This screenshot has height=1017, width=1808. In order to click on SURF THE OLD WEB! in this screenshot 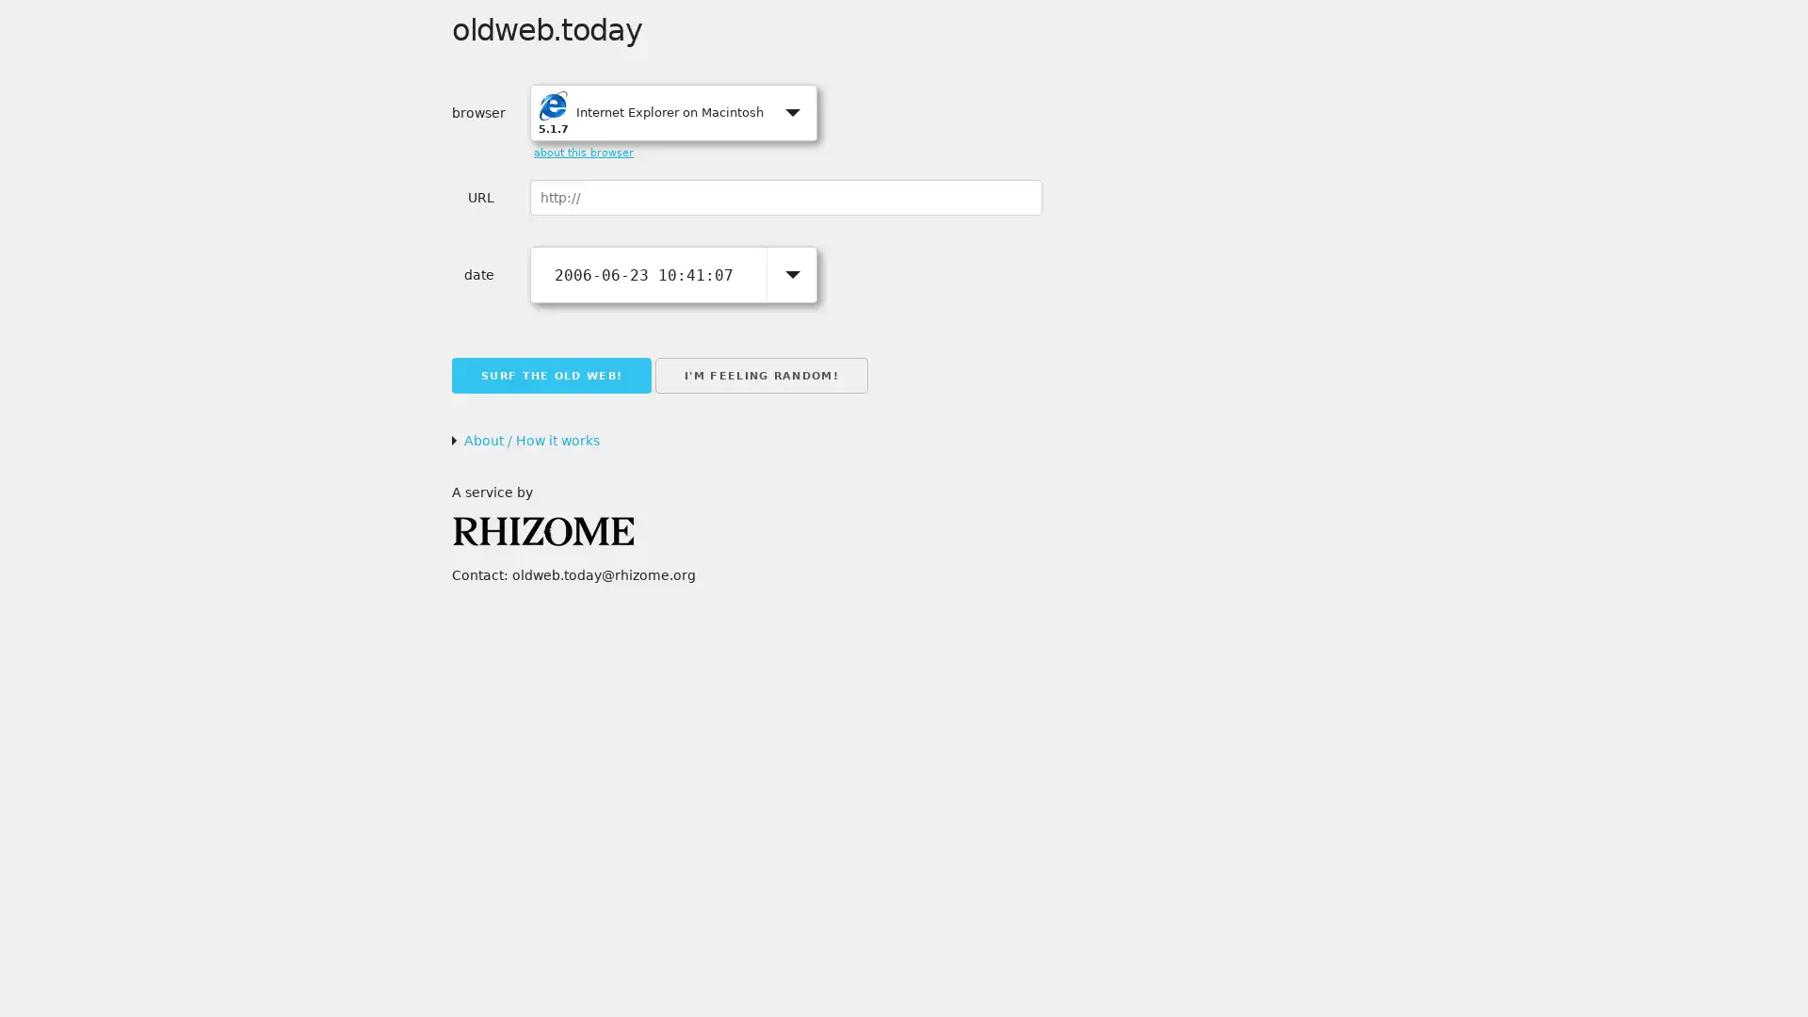, I will do `click(550, 375)`.